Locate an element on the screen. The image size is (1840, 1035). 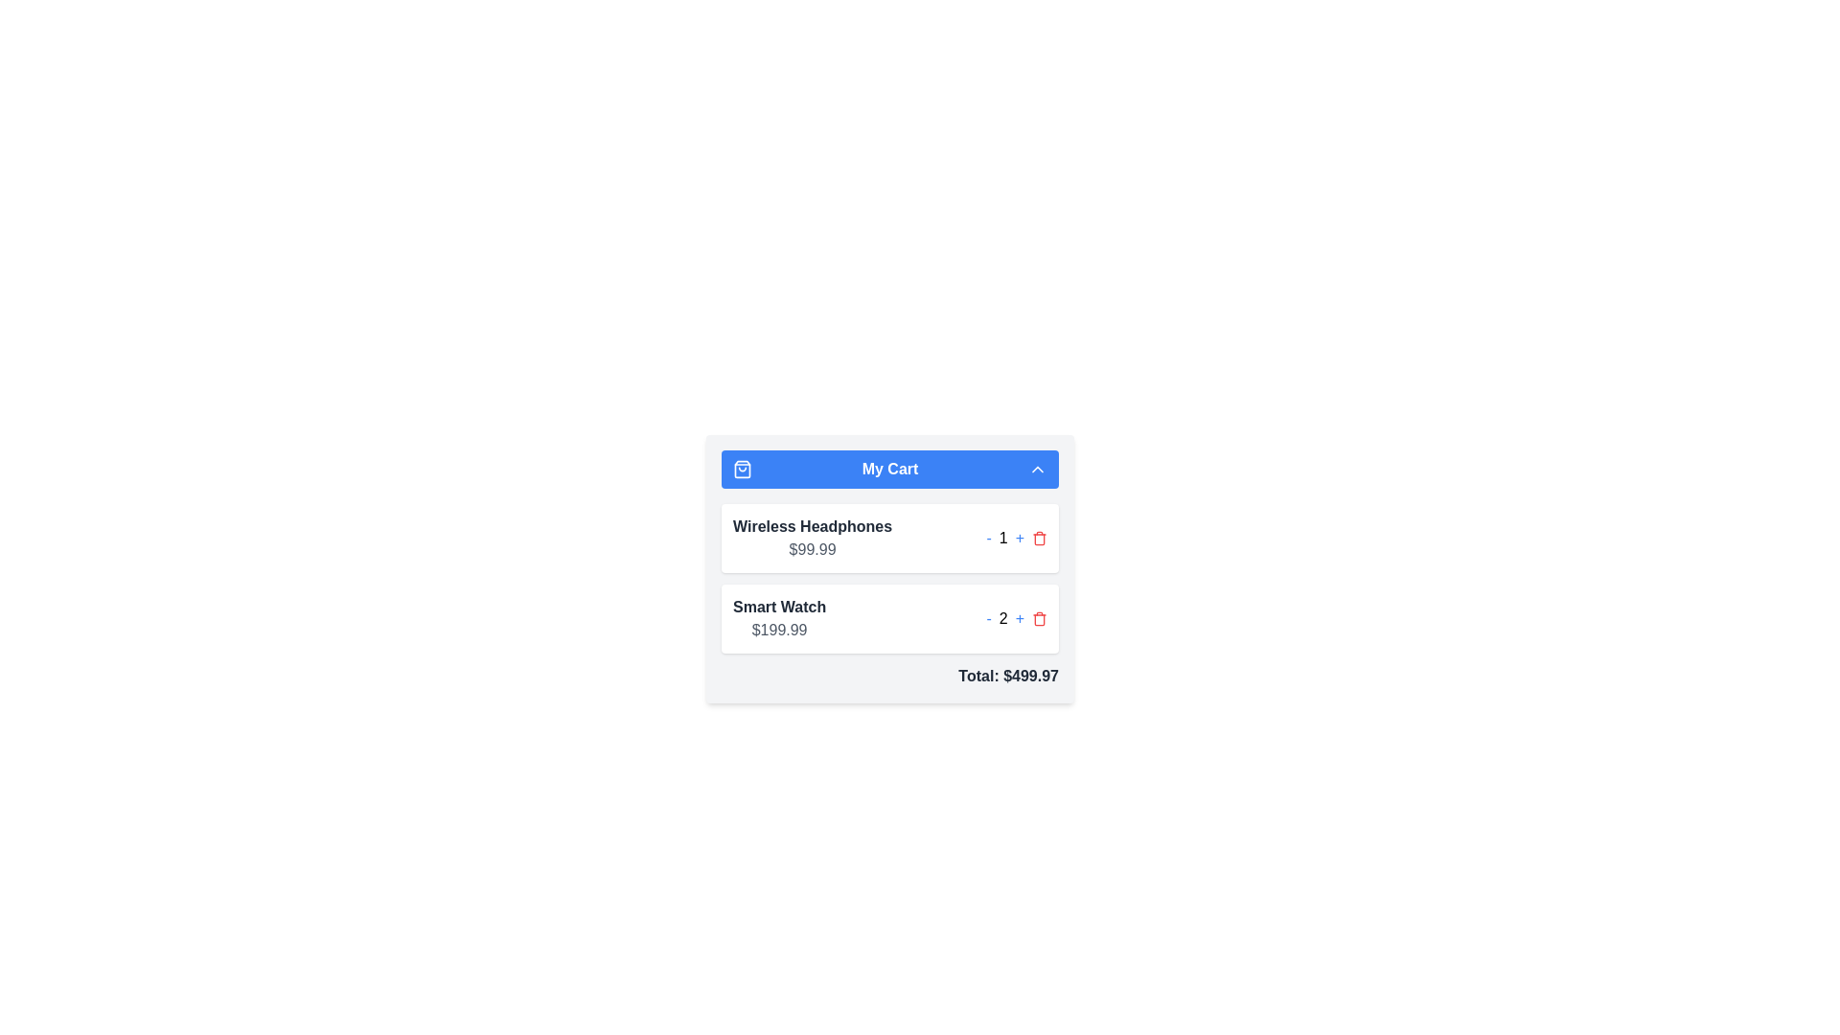
displayed text of the product name and price in the shopping cart, located in the second row underneath the 'Wireless Headphones' item is located at coordinates (779, 618).